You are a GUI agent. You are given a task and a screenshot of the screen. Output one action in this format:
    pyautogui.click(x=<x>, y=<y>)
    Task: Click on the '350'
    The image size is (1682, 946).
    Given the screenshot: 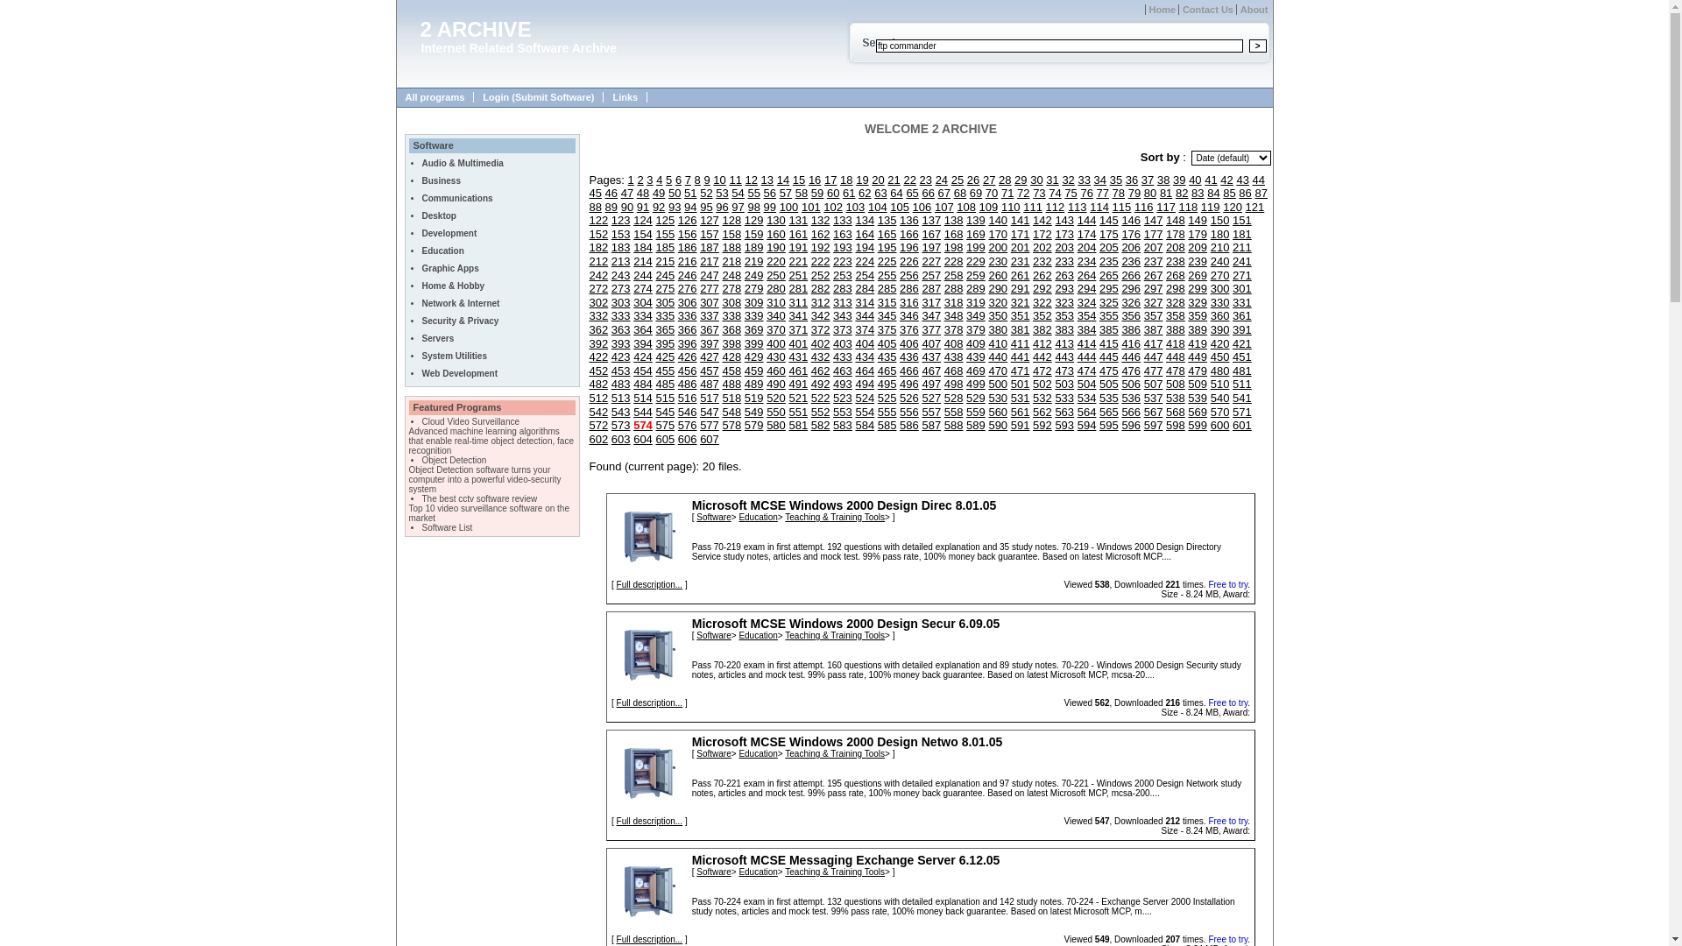 What is the action you would take?
    pyautogui.click(x=997, y=315)
    